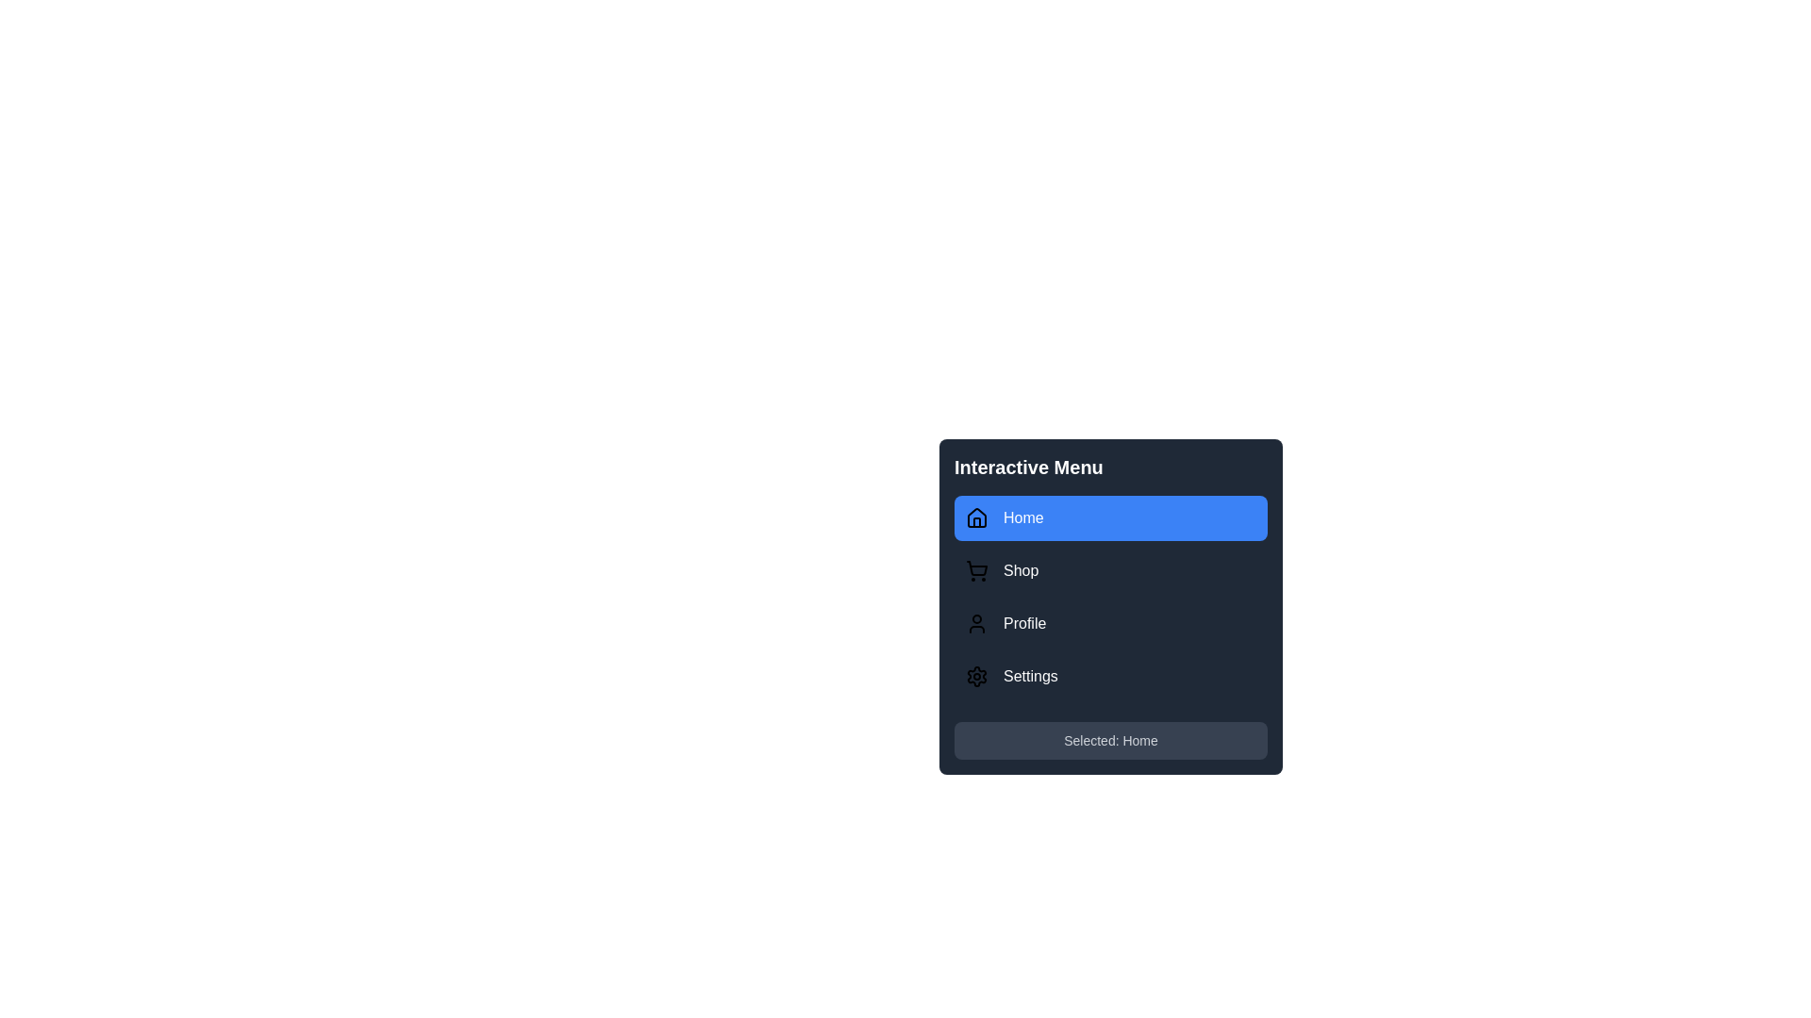 The height and width of the screenshot is (1018, 1811). What do you see at coordinates (977, 522) in the screenshot?
I see `the door area of the house icon in the 'Home' option of the interactive menu, which is represented by a vertical rectangle in stroke-style graphic` at bounding box center [977, 522].